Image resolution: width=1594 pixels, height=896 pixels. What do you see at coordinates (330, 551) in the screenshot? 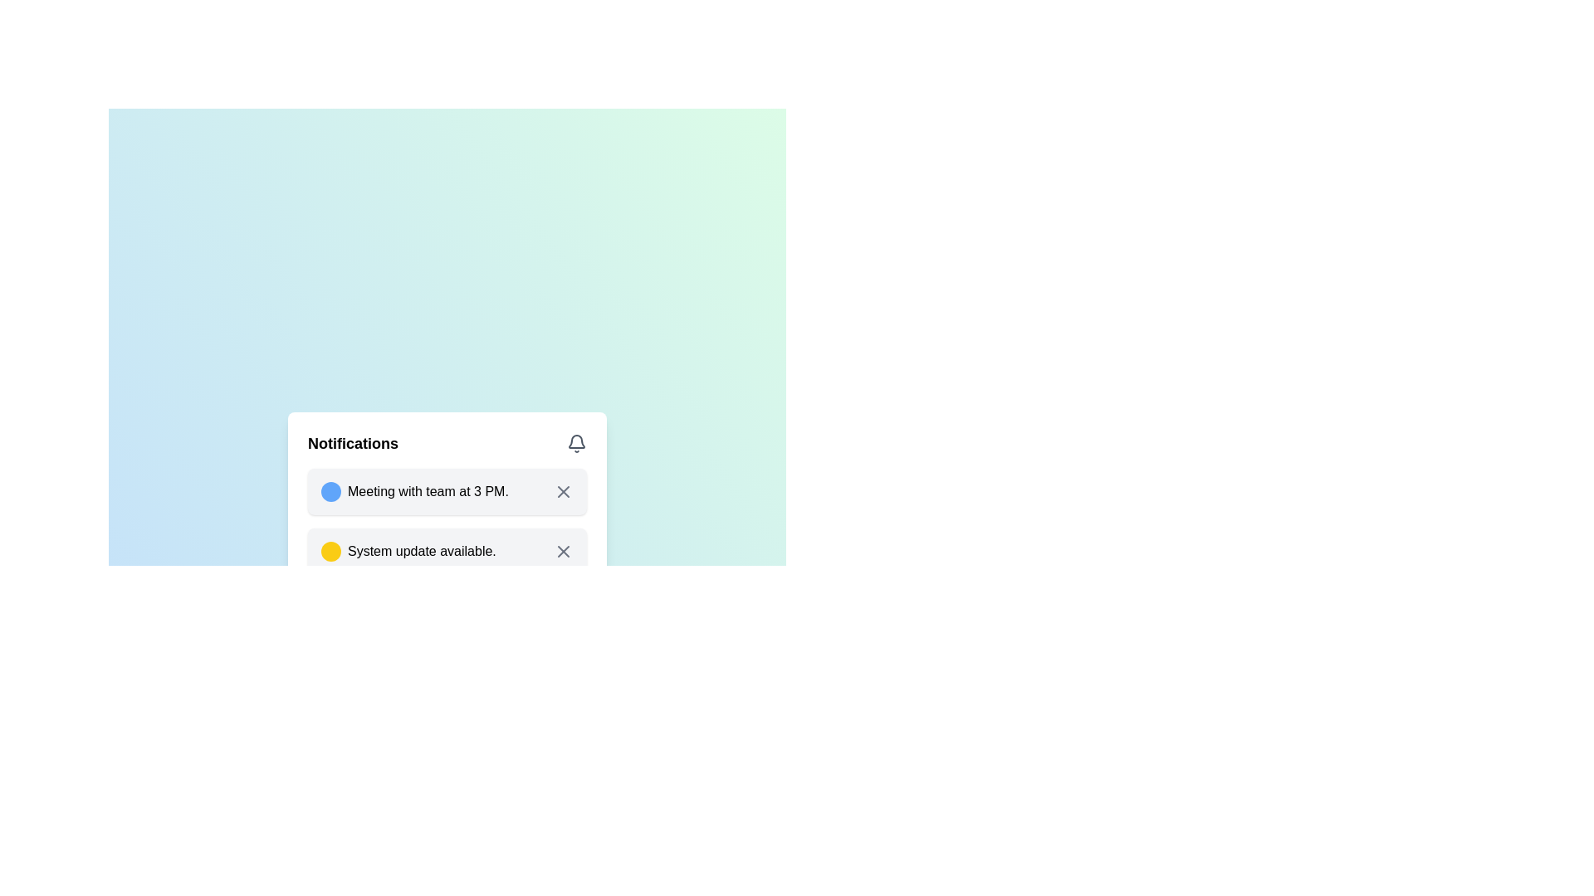
I see `the bright yellow circular icon located within the notification card, positioned to the left of the text 'System update available.'` at bounding box center [330, 551].